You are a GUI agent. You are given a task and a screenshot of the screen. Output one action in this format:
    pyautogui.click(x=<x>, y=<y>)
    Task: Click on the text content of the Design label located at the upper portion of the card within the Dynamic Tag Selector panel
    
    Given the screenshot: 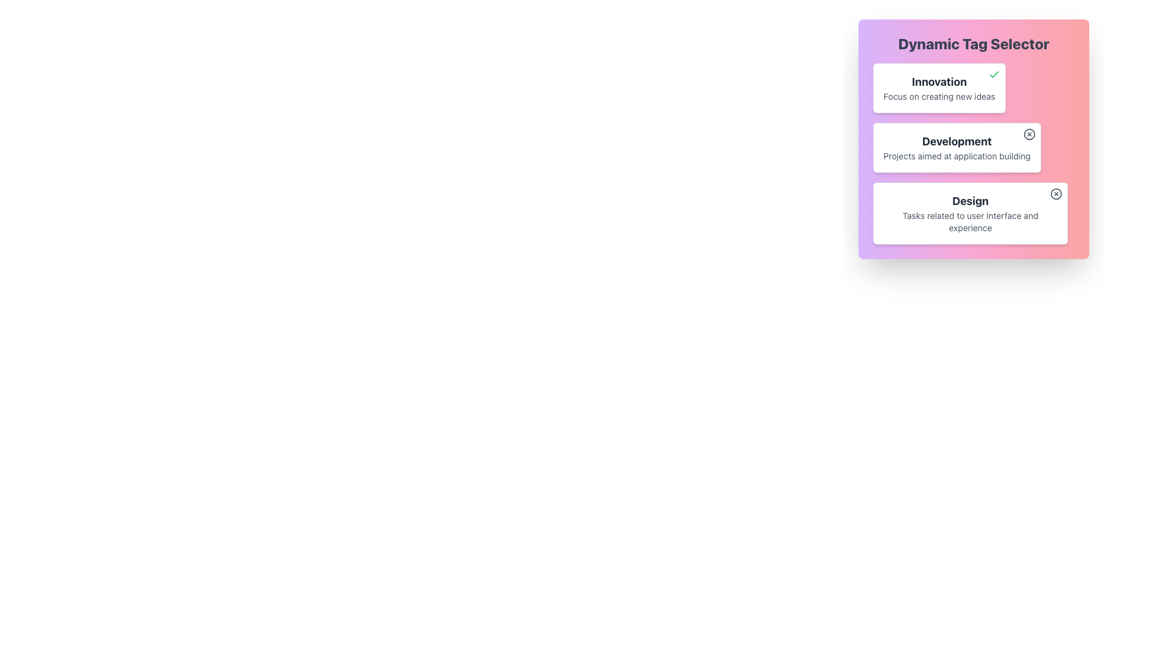 What is the action you would take?
    pyautogui.click(x=969, y=201)
    